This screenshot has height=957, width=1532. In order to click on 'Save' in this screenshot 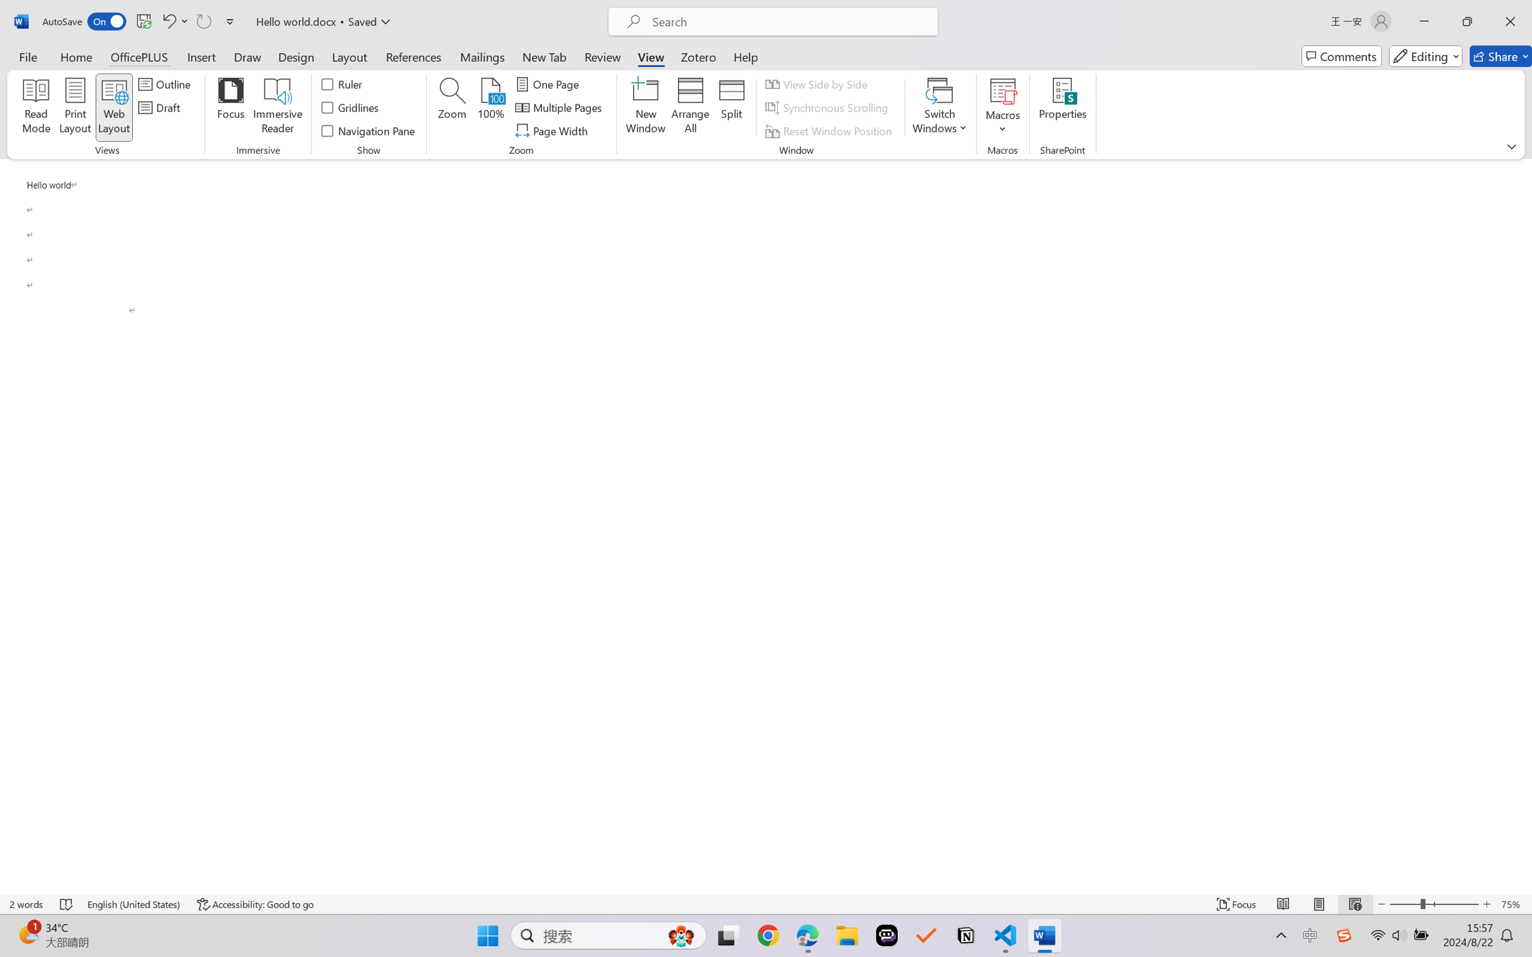, I will do `click(143, 21)`.